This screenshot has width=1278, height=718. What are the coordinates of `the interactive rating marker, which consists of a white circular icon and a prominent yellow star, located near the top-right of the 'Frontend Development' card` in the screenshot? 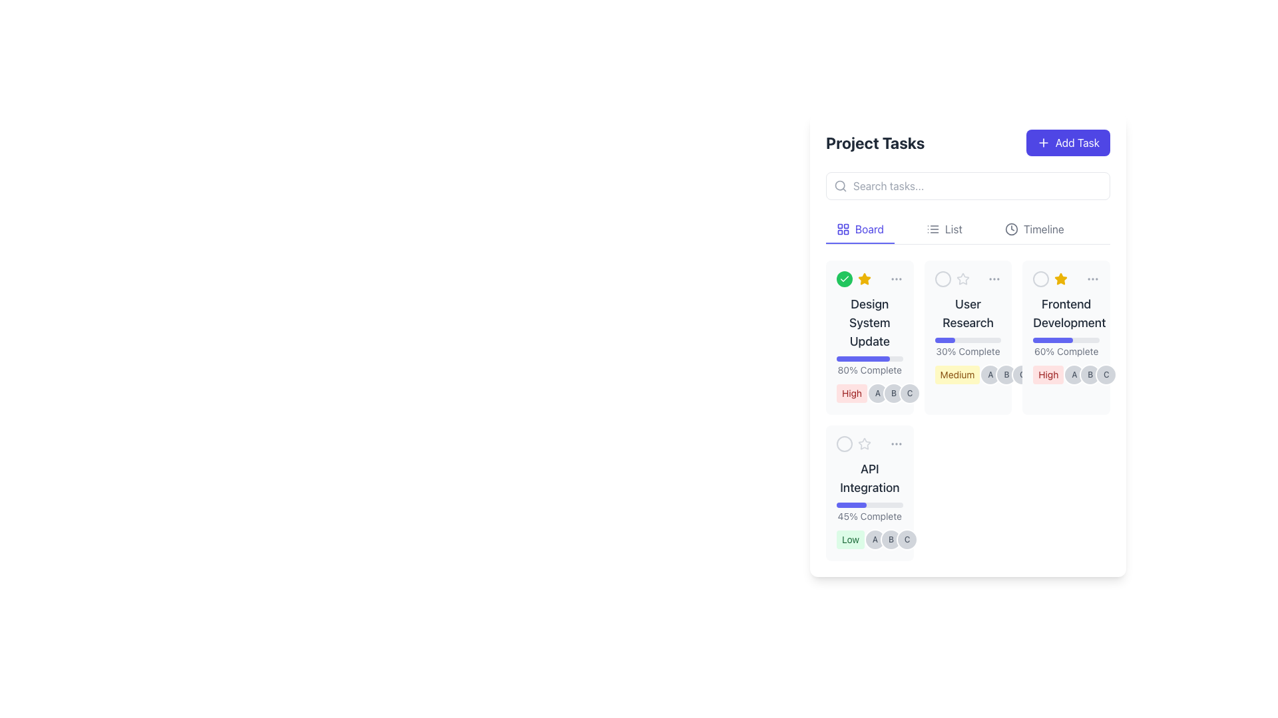 It's located at (1050, 279).